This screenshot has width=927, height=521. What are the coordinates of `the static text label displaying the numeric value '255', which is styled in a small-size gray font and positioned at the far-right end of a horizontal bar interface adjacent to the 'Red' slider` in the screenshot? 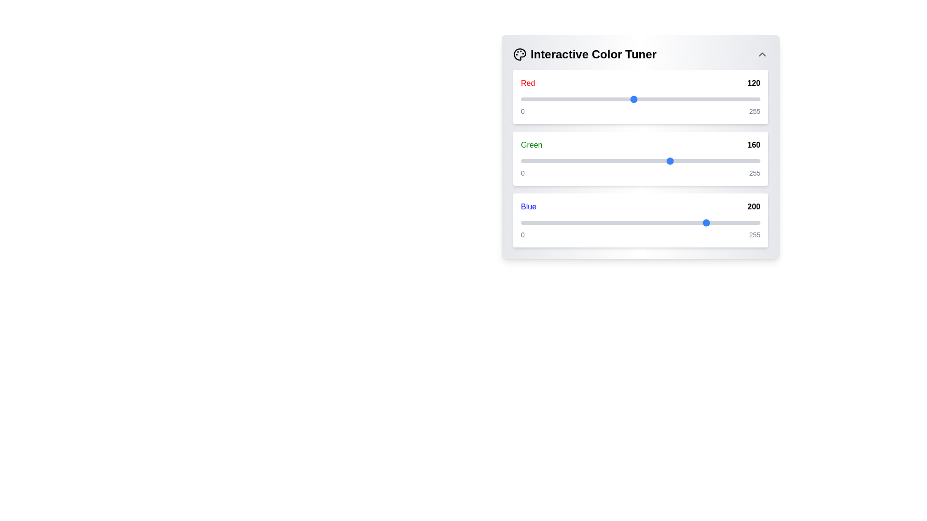 It's located at (754, 111).